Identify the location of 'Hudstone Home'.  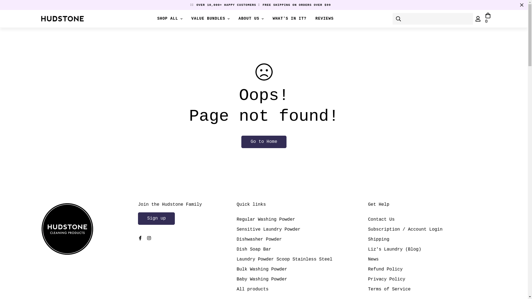
(62, 18).